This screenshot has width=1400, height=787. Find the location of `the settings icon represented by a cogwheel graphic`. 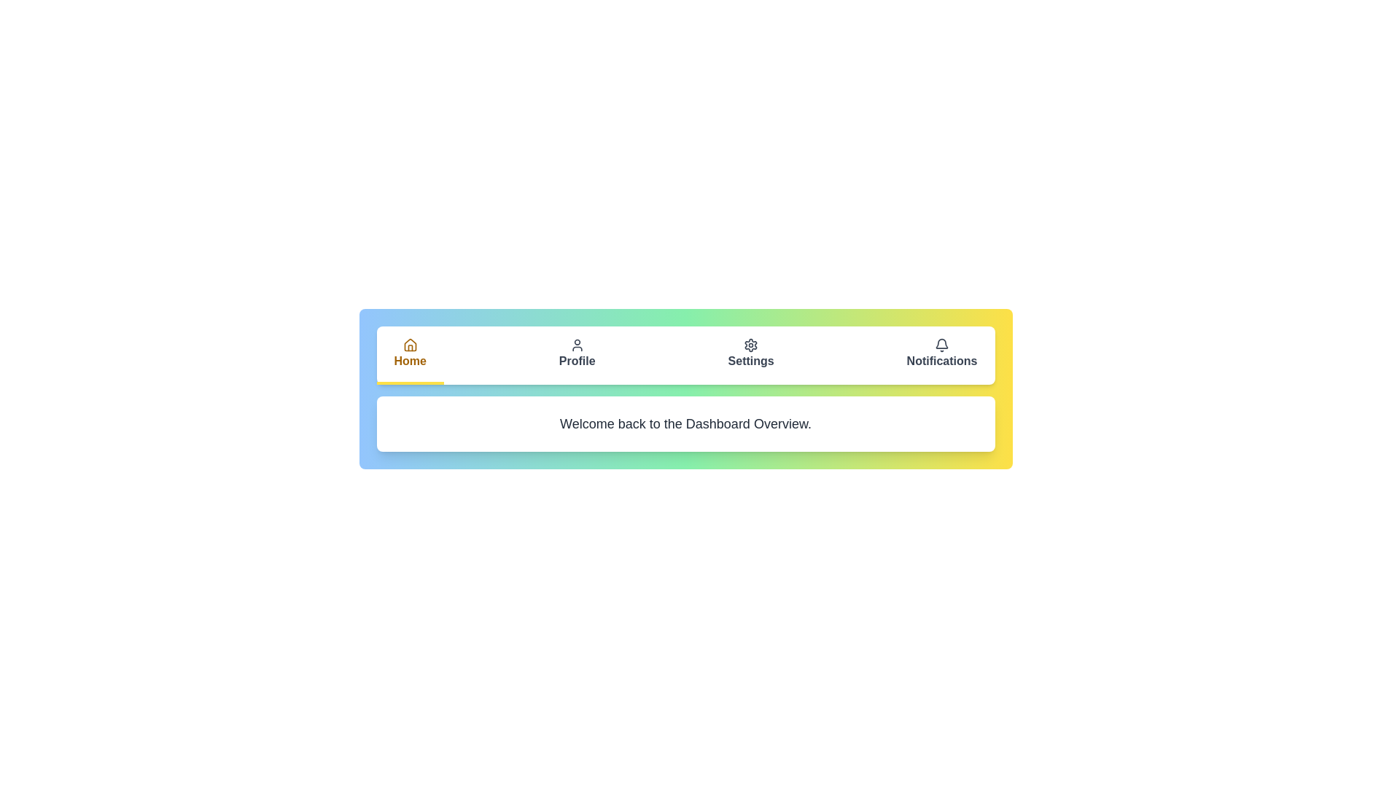

the settings icon represented by a cogwheel graphic is located at coordinates (751, 345).